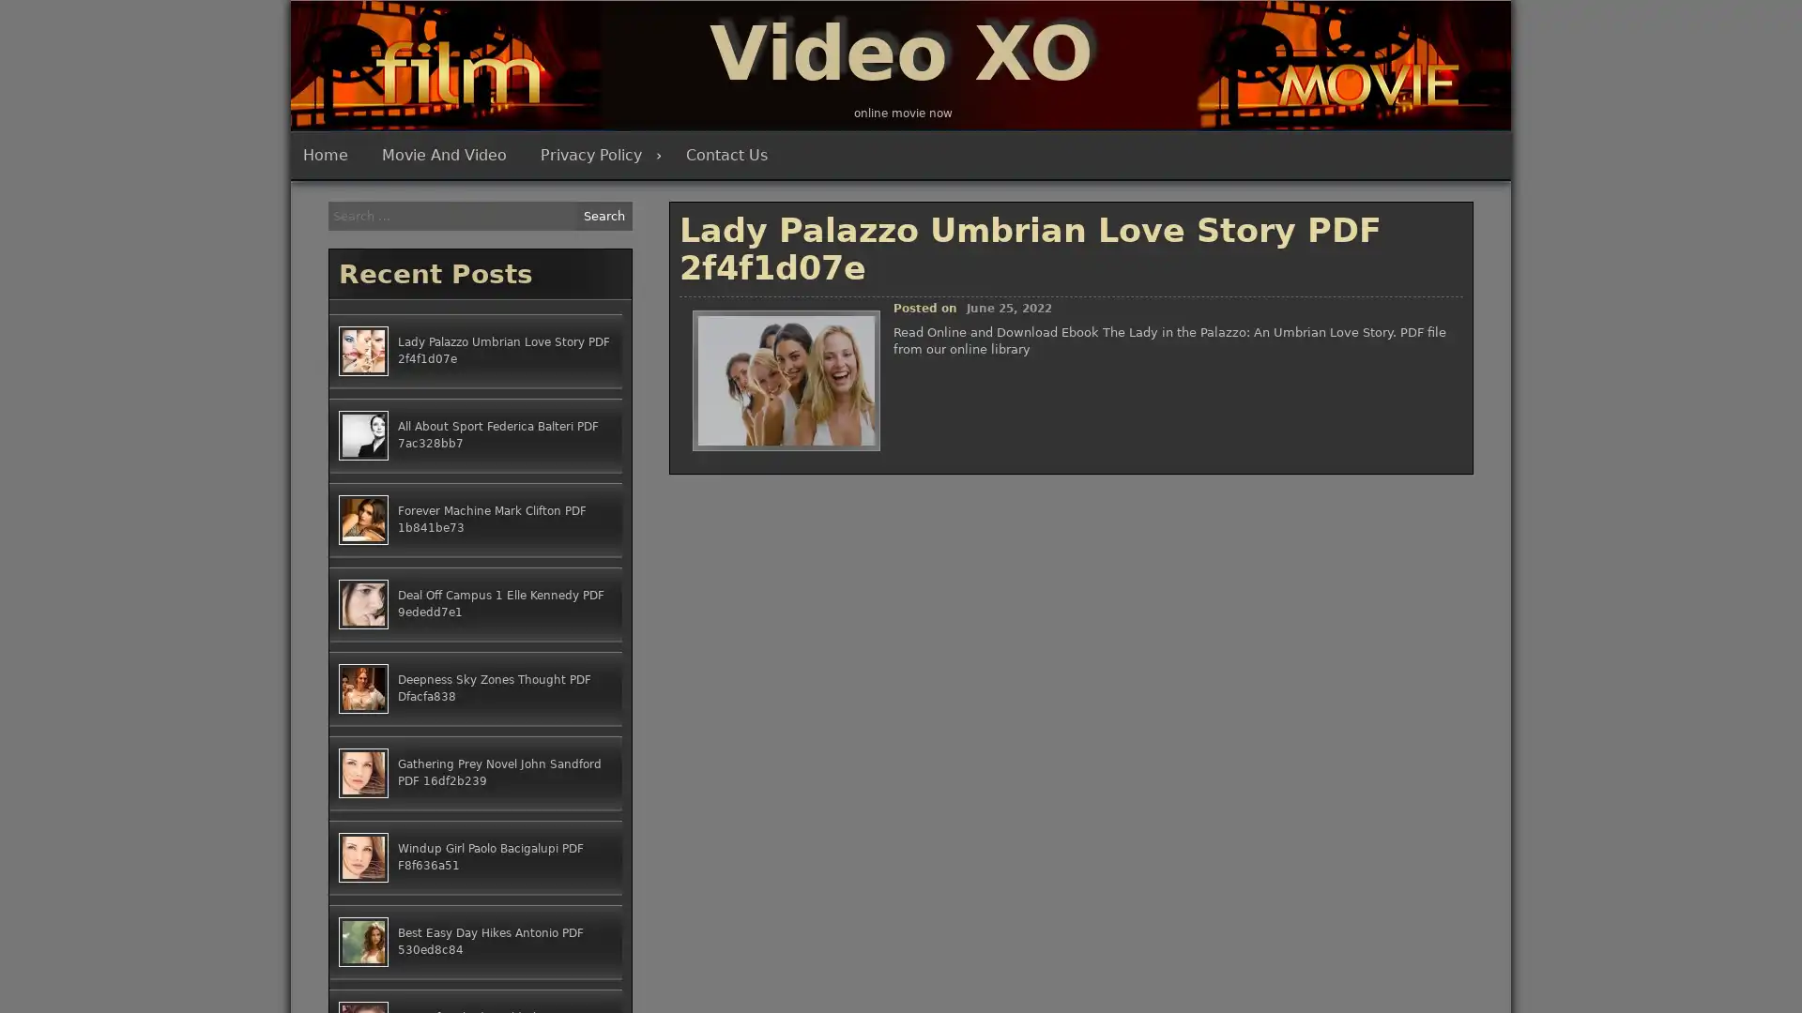 This screenshot has width=1802, height=1013. Describe the element at coordinates (603, 215) in the screenshot. I see `Search` at that location.